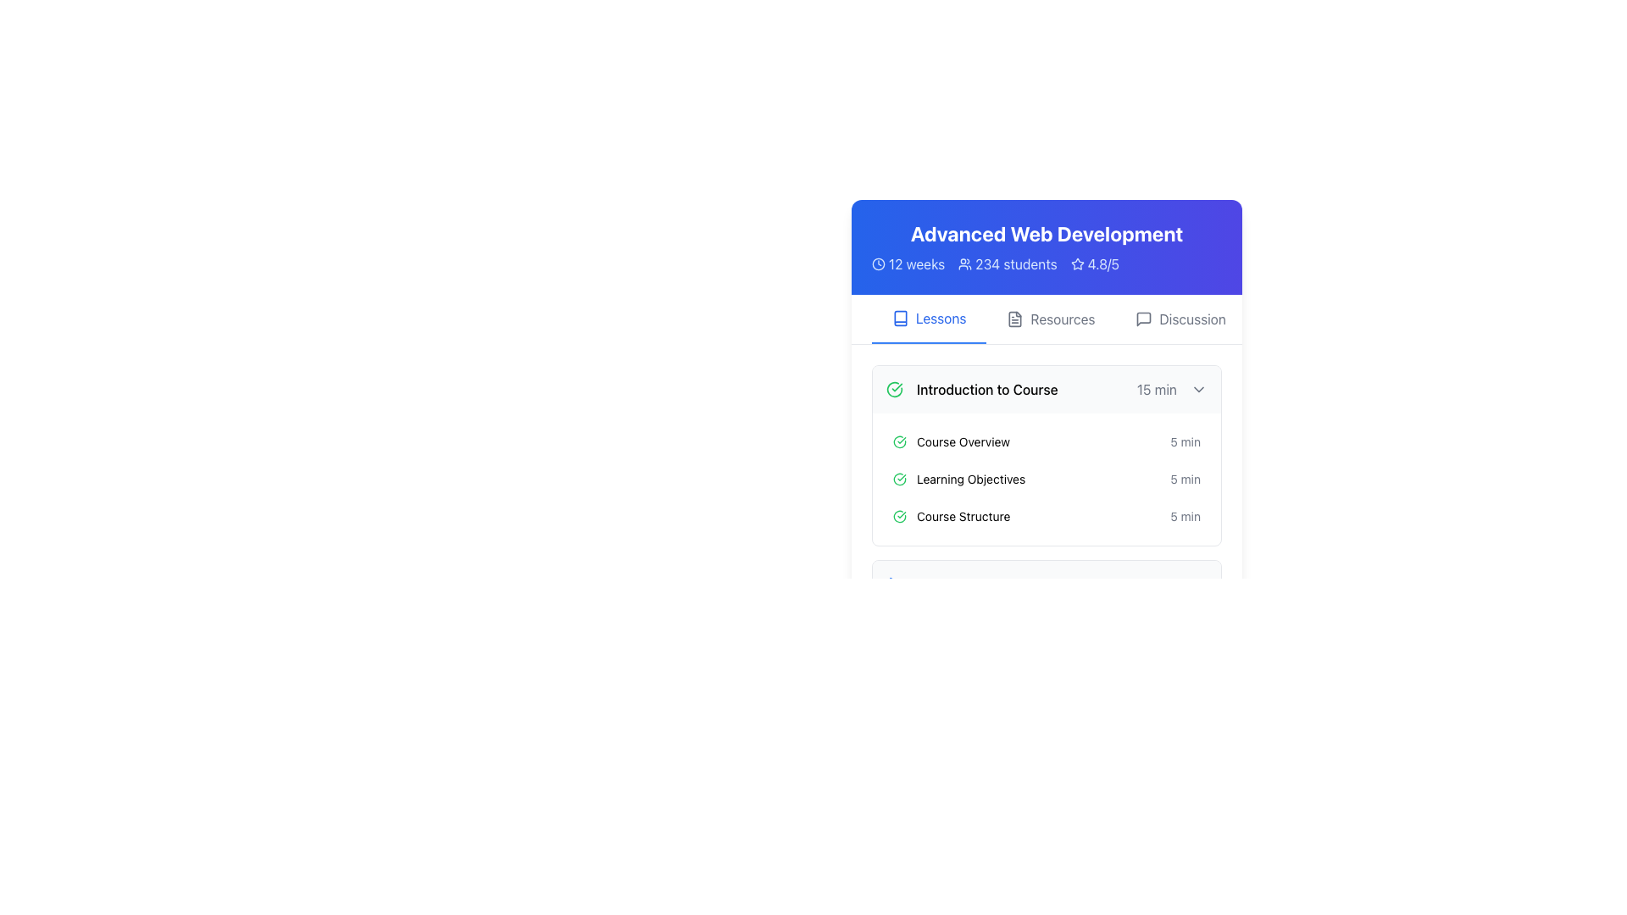  Describe the element at coordinates (1185, 515) in the screenshot. I see `the text label displaying '5 min', which is located at the rightmost end of the row labeled 'Course Structure'` at that location.